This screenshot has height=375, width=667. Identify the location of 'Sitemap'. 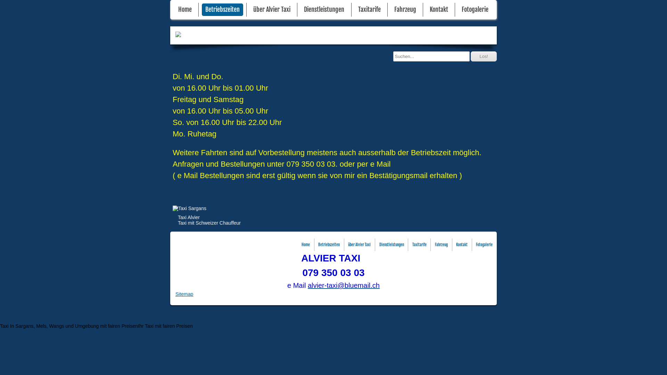
(184, 294).